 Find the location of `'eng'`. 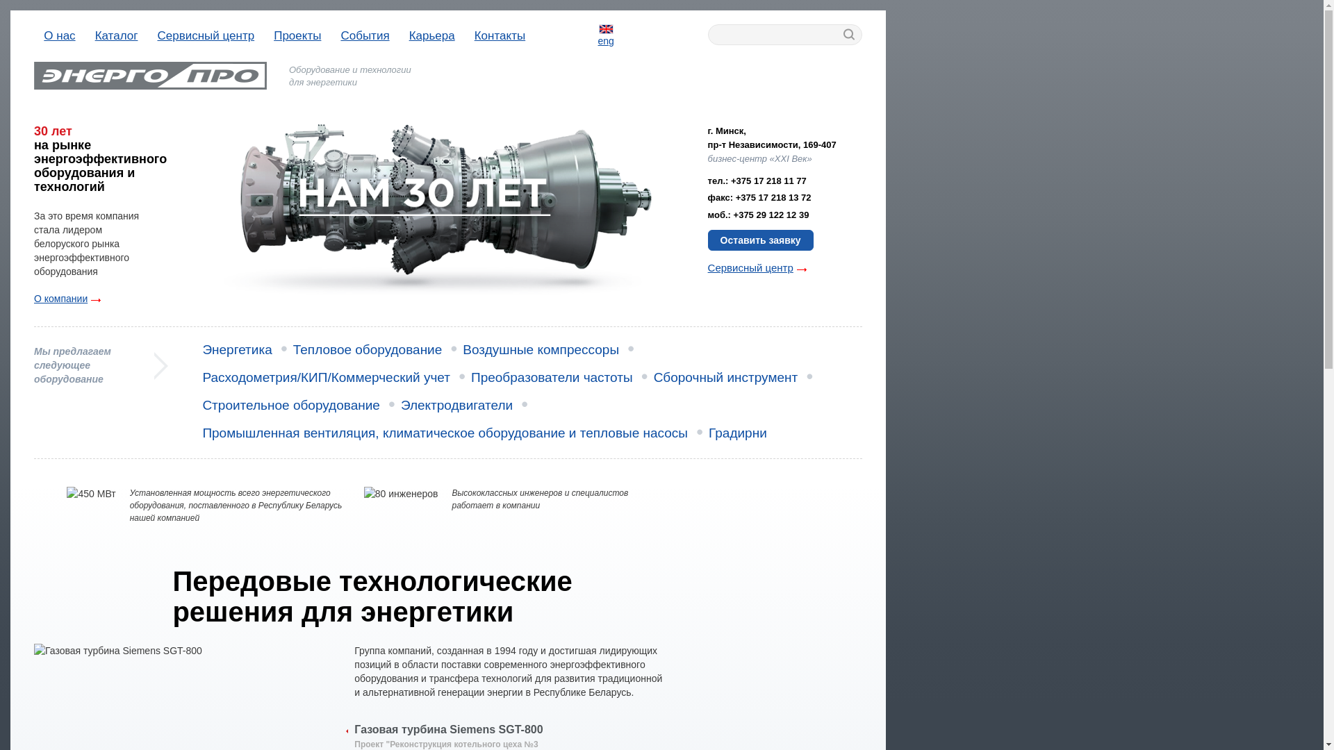

'eng' is located at coordinates (598, 34).